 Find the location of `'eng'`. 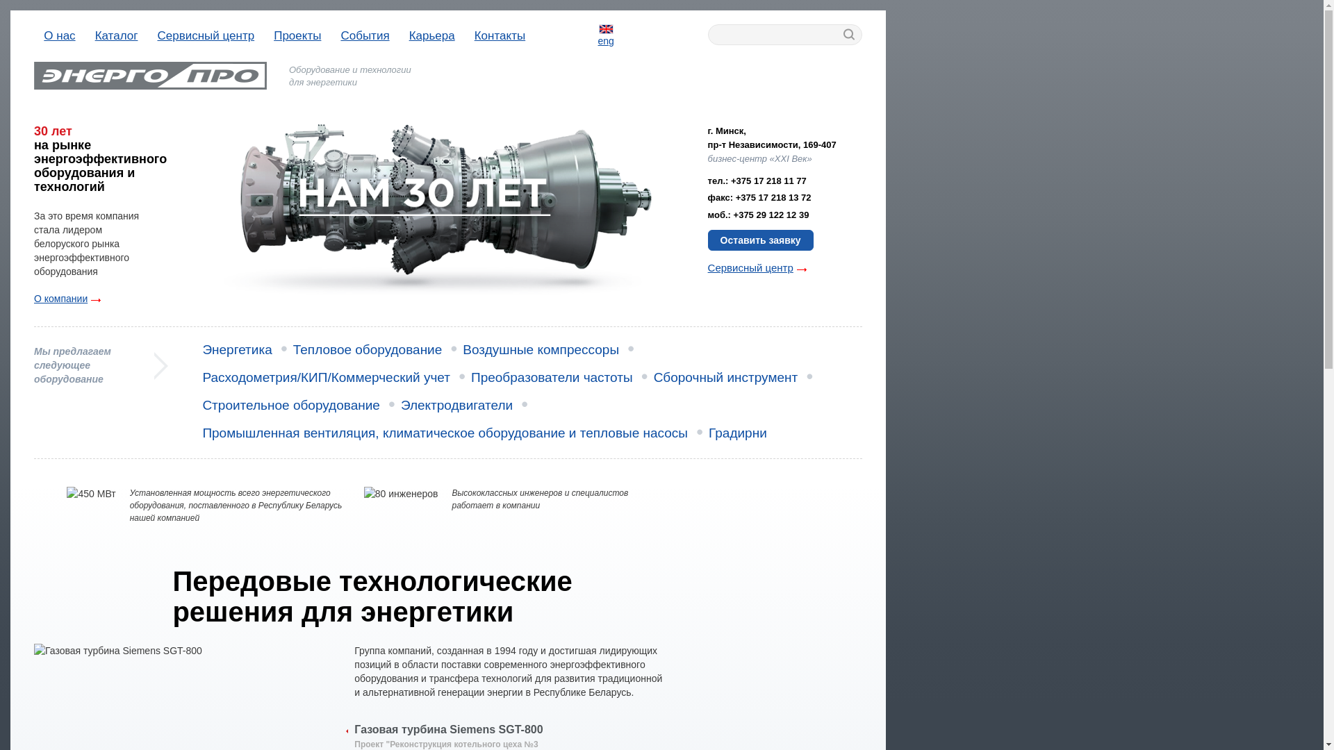

'eng' is located at coordinates (598, 34).